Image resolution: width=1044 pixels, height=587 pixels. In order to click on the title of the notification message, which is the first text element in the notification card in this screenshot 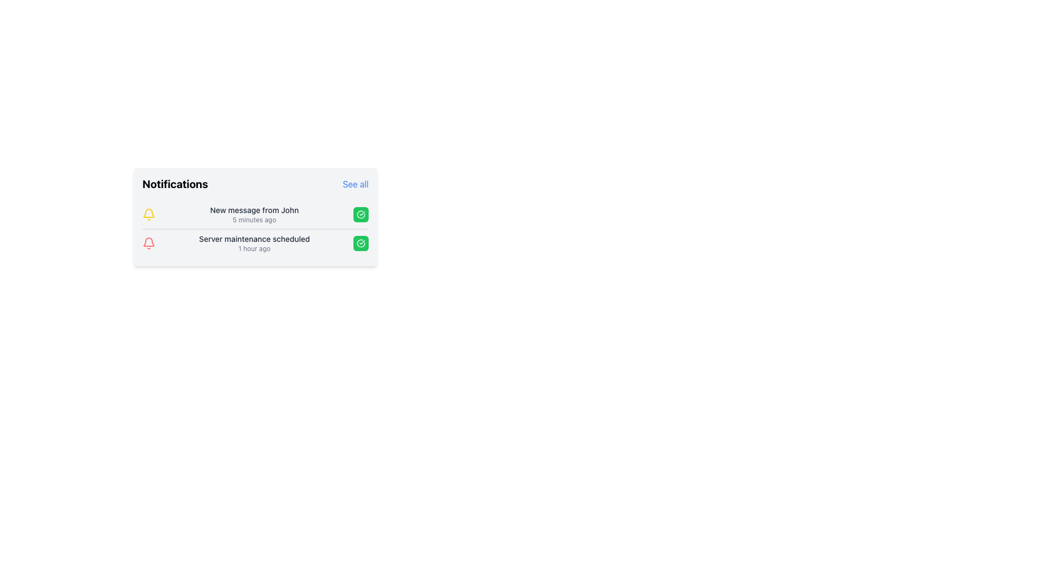, I will do `click(253, 210)`.